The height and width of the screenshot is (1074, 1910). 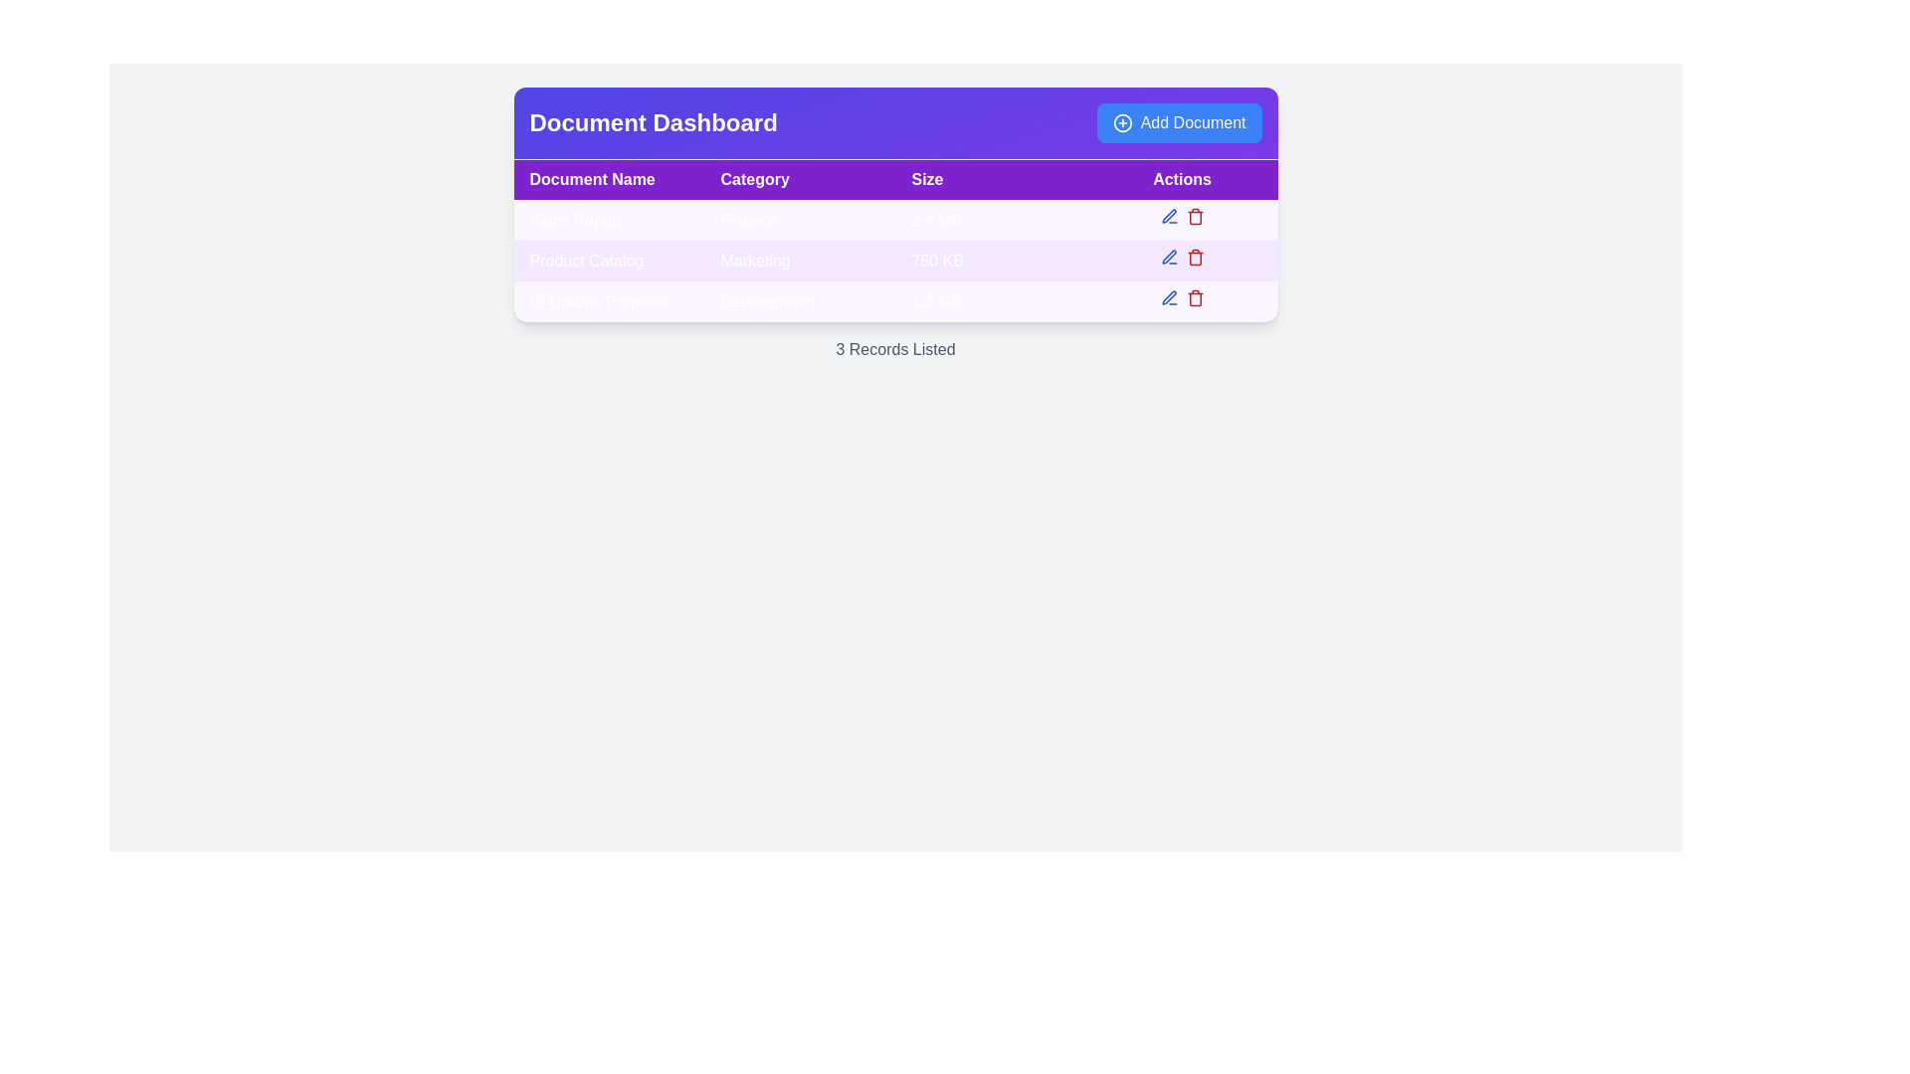 What do you see at coordinates (1169, 217) in the screenshot?
I see `the blue pencil icon button located in the Actions column of the second row of the table on the dashboard` at bounding box center [1169, 217].